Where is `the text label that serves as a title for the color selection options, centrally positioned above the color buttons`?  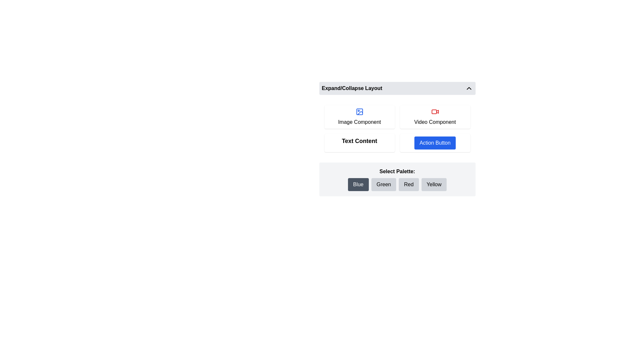
the text label that serves as a title for the color selection options, centrally positioned above the color buttons is located at coordinates (397, 171).